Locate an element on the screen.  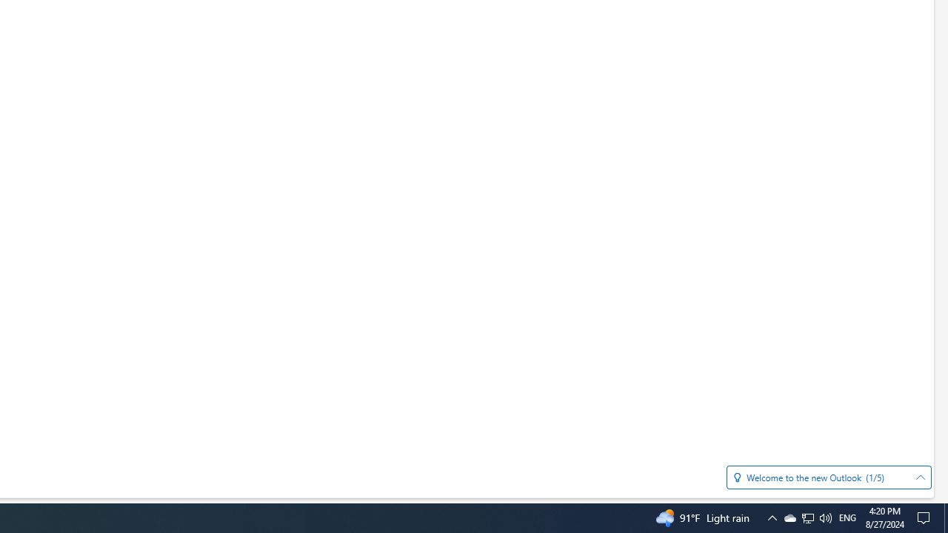
'Tray Input Indicator - English (United States)' is located at coordinates (847, 517).